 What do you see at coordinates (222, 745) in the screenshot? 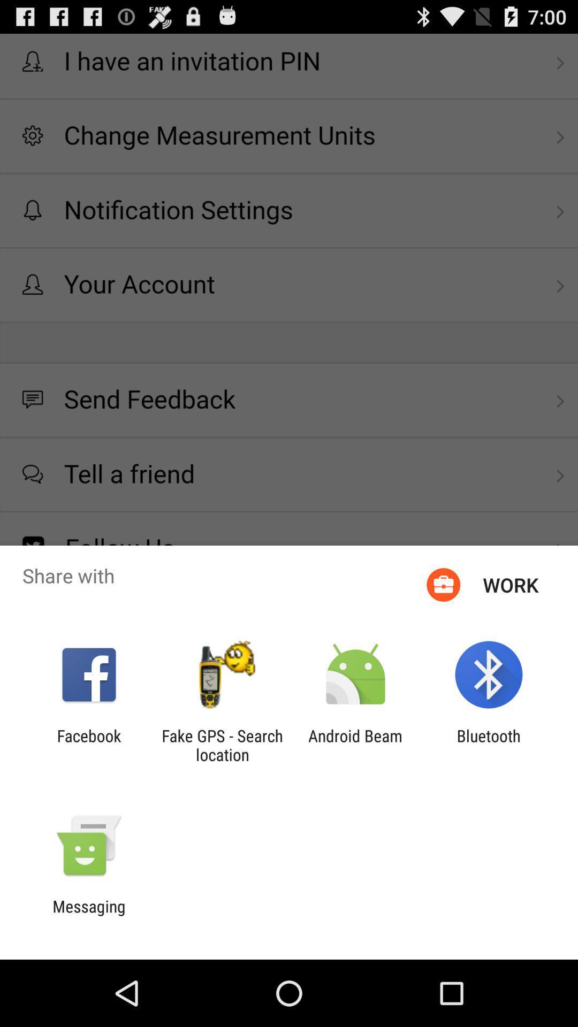
I see `app next to the android beam app` at bounding box center [222, 745].